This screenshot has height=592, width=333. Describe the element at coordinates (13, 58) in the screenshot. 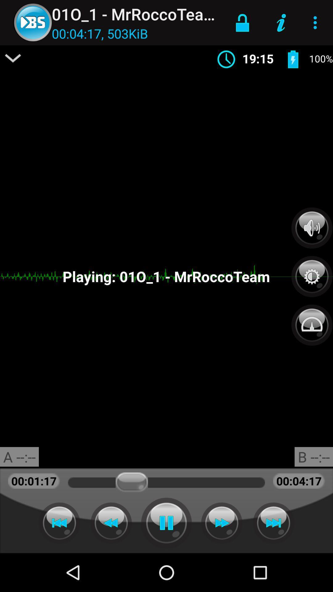

I see `show options` at that location.